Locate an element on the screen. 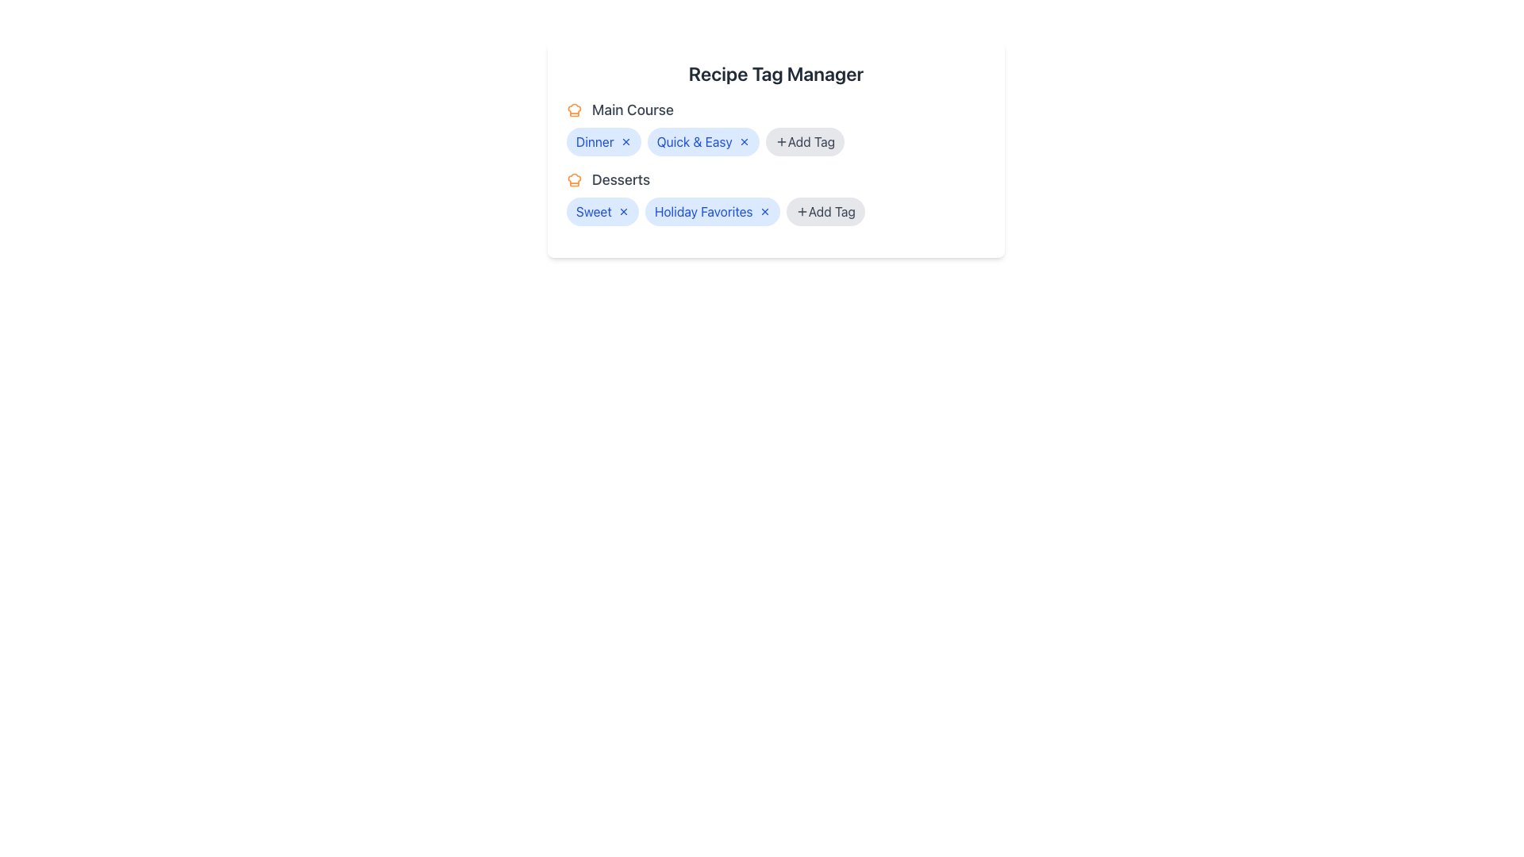 This screenshot has width=1524, height=857. the Category Tag Section located directly below the header 'Recipe Tag Manager' is located at coordinates (776, 127).